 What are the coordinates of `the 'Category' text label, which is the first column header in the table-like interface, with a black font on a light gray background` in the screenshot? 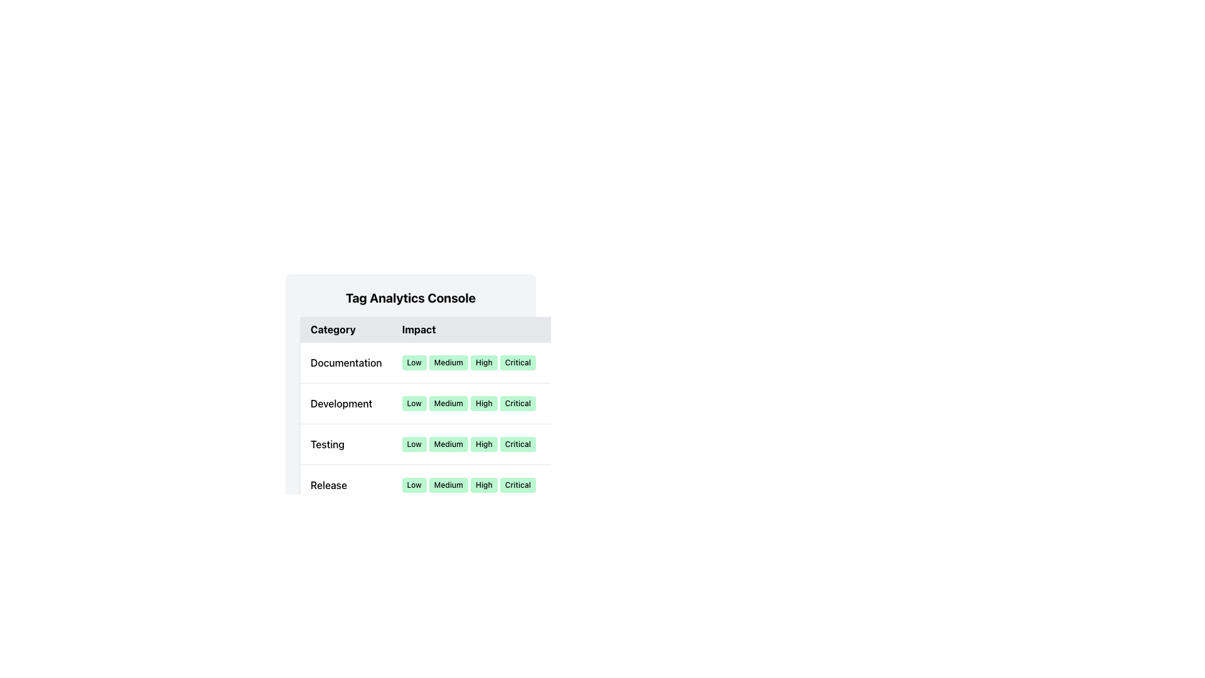 It's located at (346, 329).